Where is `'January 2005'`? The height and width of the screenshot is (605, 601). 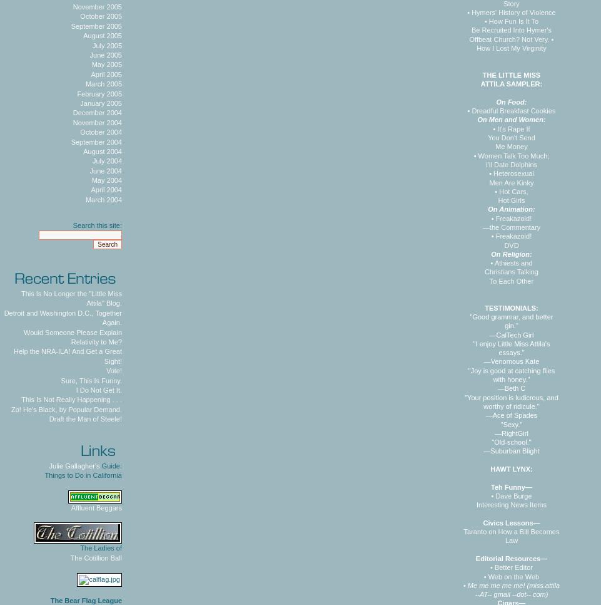 'January 2005' is located at coordinates (101, 102).